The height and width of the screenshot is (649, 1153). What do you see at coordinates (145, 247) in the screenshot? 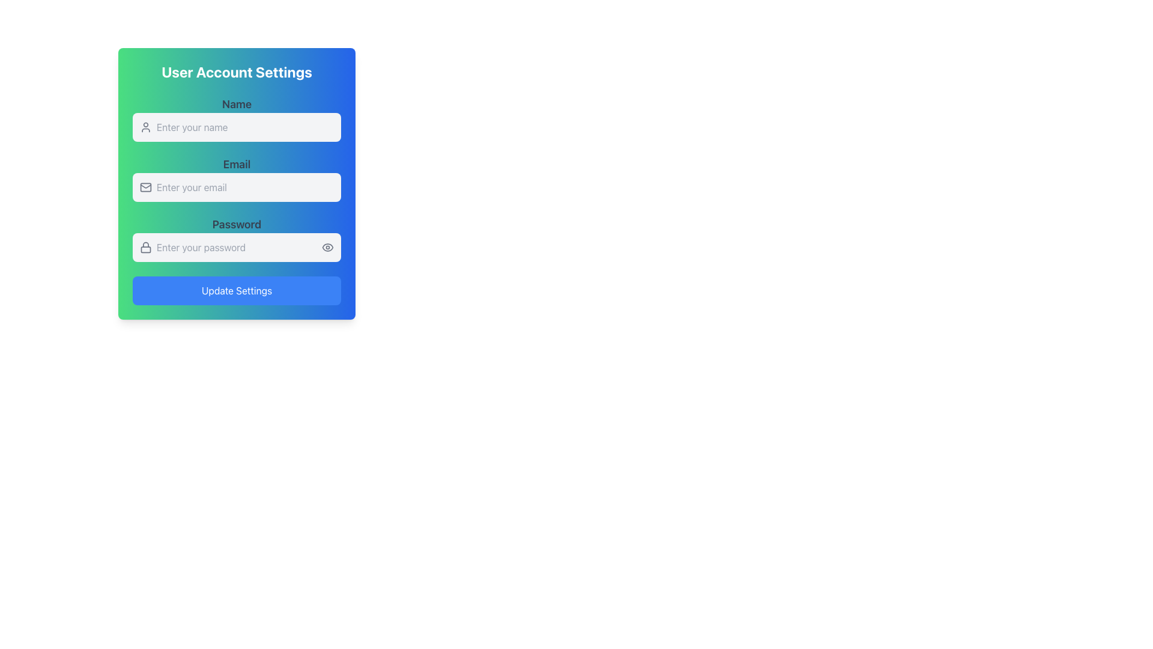
I see `the password indicator icon located on the left side of the password input field in the user account settings form` at bounding box center [145, 247].